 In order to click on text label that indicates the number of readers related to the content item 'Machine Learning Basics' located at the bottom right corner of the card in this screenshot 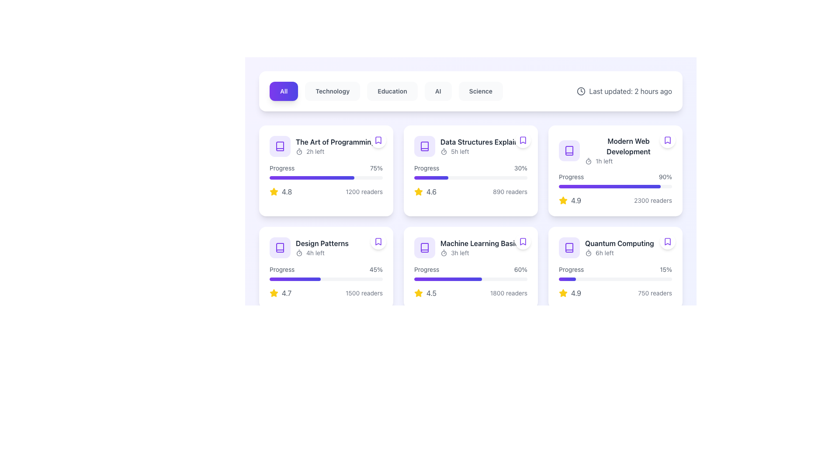, I will do `click(509, 293)`.